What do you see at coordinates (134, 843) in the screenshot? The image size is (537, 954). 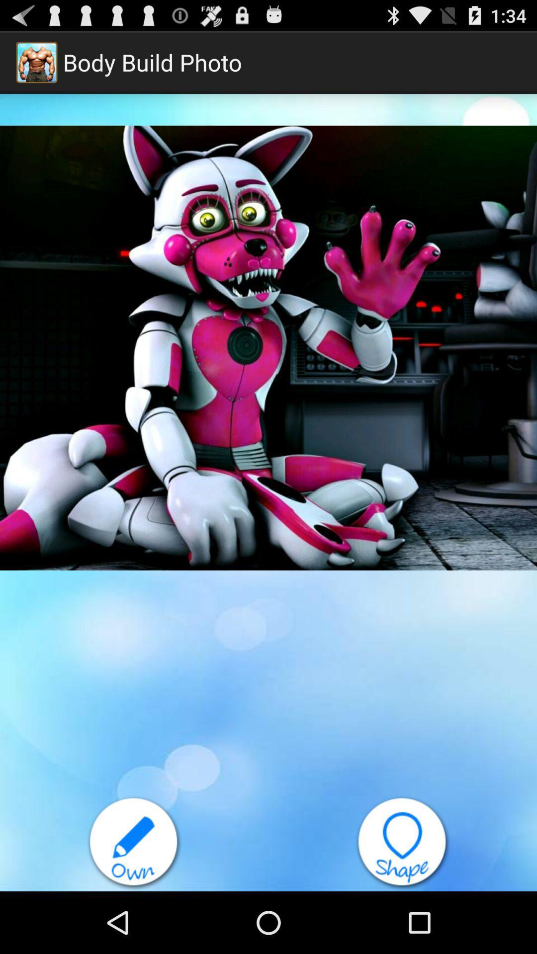 I see `item at the bottom left corner` at bounding box center [134, 843].